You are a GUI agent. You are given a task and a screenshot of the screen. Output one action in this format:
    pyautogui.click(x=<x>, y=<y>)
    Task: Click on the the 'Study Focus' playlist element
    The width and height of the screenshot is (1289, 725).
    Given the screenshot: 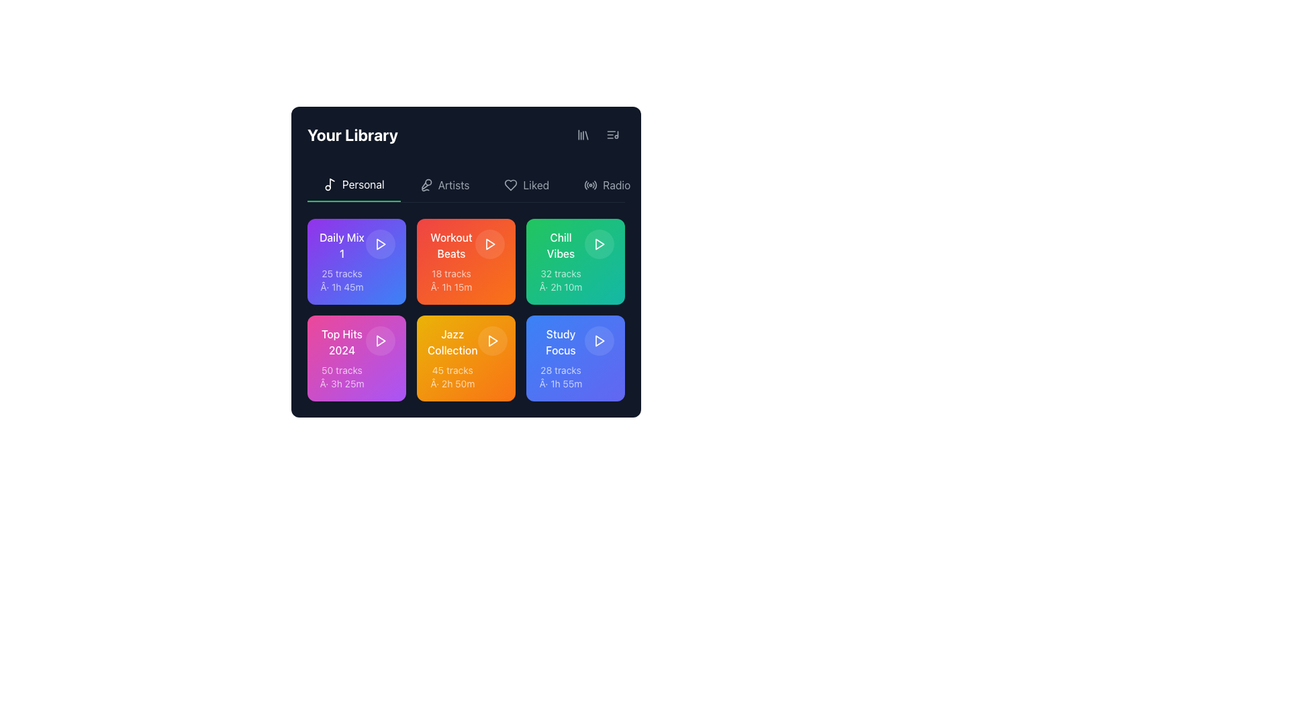 What is the action you would take?
    pyautogui.click(x=575, y=357)
    